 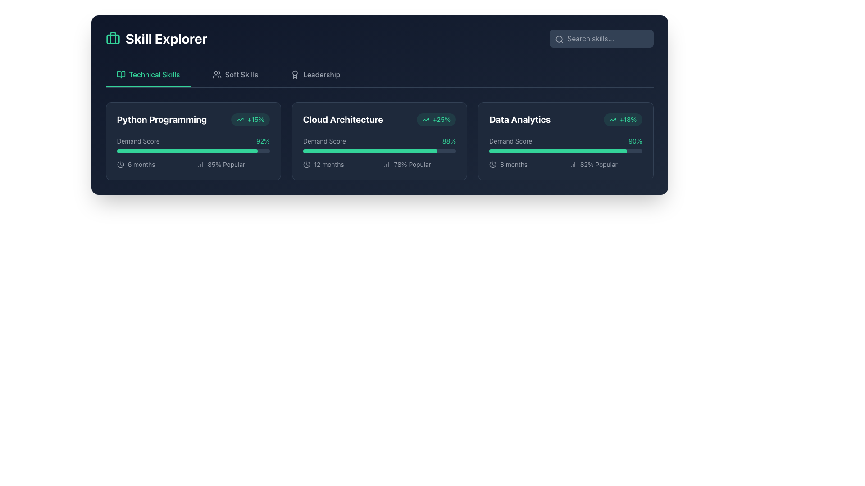 What do you see at coordinates (379, 144) in the screenshot?
I see `the progress bar fill representing the demand score of 'Cloud Architecture', which shows '88%' in green, located in the middle card of the 'Skill Explorer' section` at bounding box center [379, 144].